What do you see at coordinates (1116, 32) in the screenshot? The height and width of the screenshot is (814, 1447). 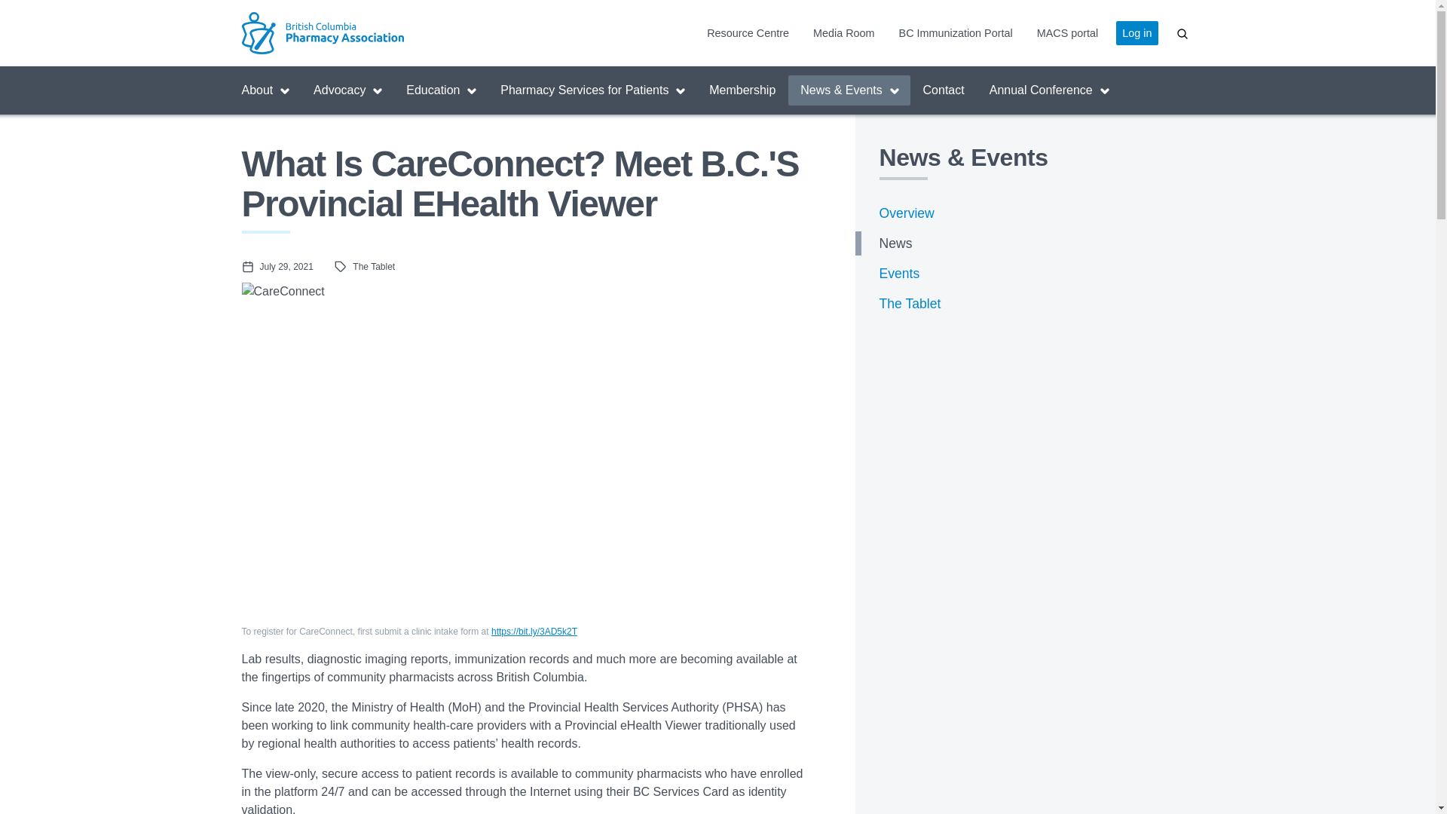 I see `'Log in'` at bounding box center [1116, 32].